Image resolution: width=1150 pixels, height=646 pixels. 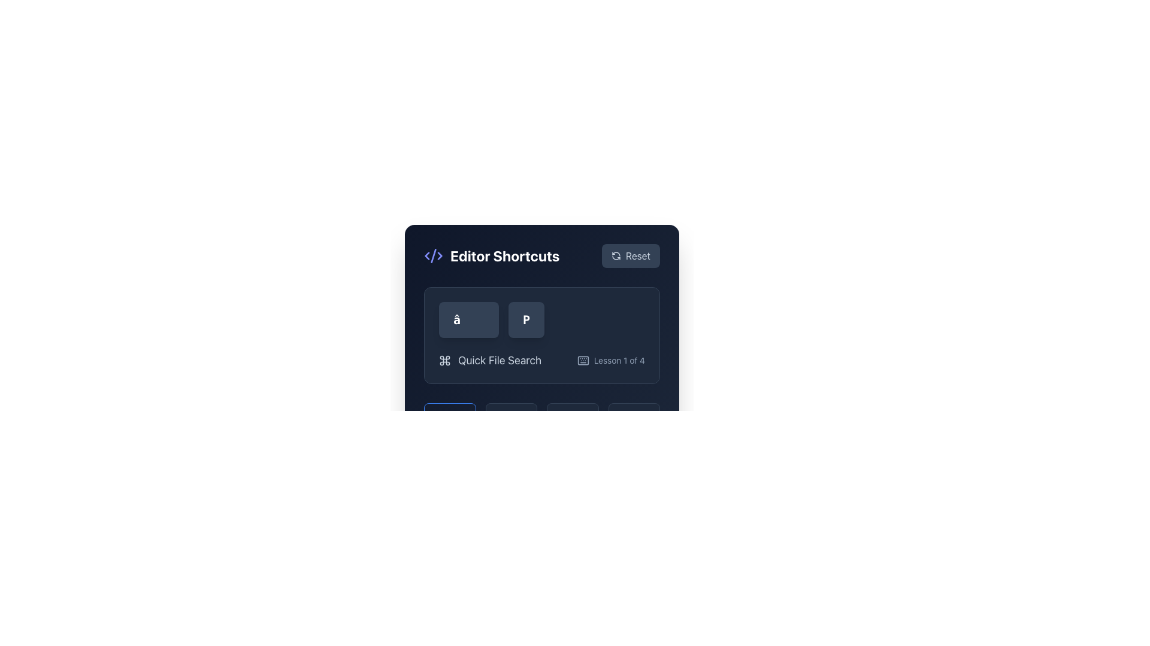 What do you see at coordinates (490, 359) in the screenshot?
I see `'Quick File Search' label with a command key symbol, which is the first label in a horizontal group and features a light gray color scheme on a dark background` at bounding box center [490, 359].